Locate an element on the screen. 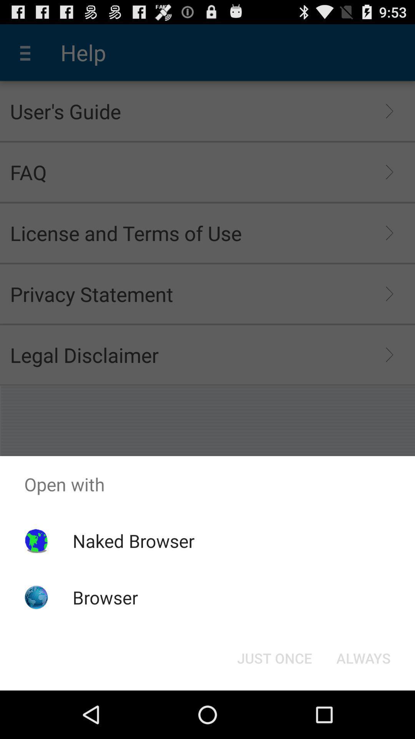 The width and height of the screenshot is (415, 739). the icon below the open with item is located at coordinates (133, 540).